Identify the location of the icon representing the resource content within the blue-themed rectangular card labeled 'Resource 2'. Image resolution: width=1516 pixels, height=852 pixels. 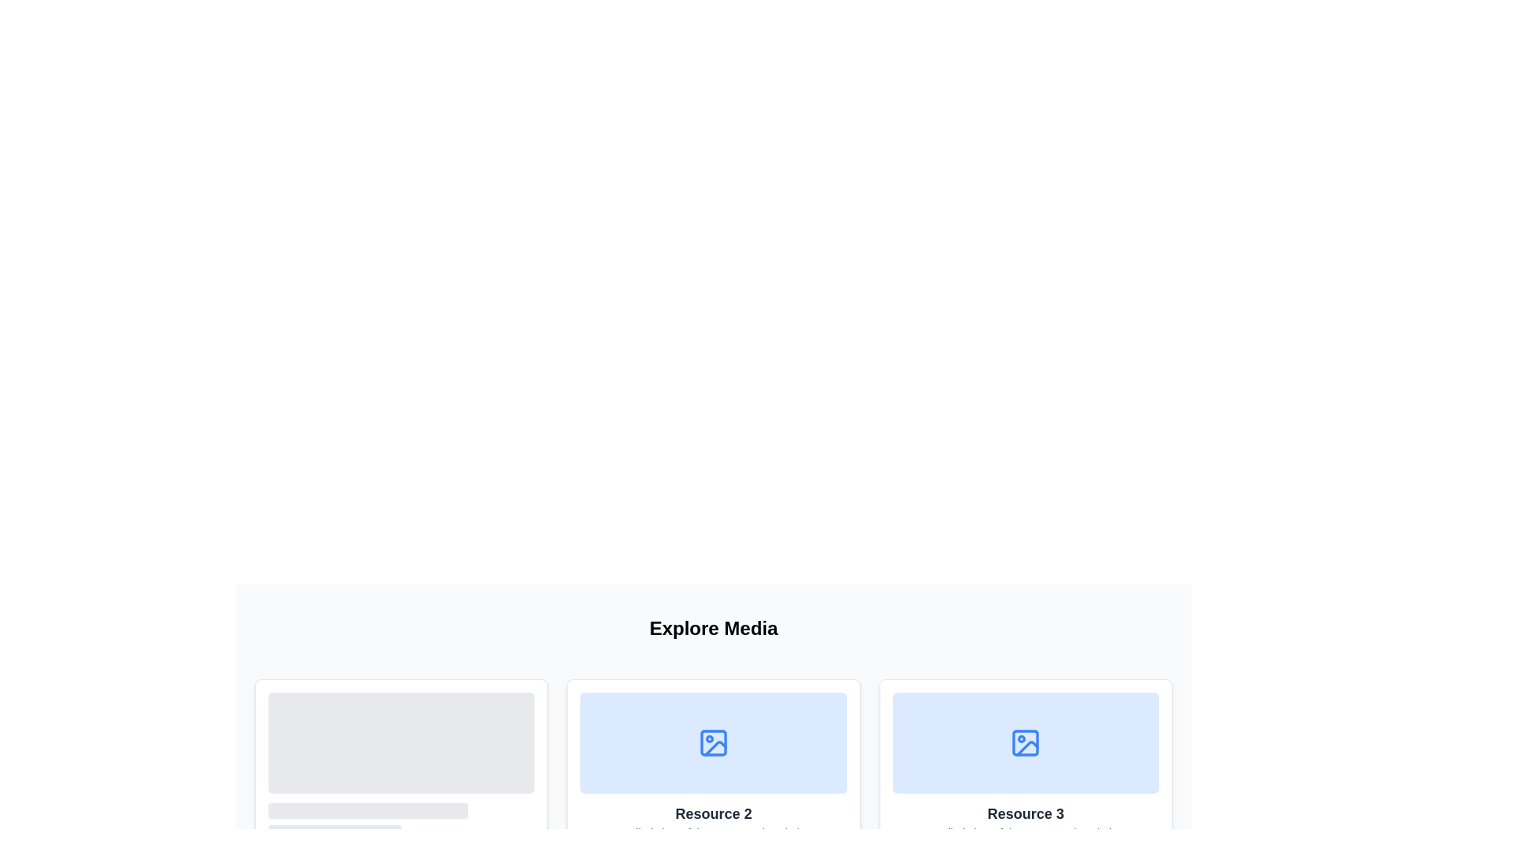
(712, 742).